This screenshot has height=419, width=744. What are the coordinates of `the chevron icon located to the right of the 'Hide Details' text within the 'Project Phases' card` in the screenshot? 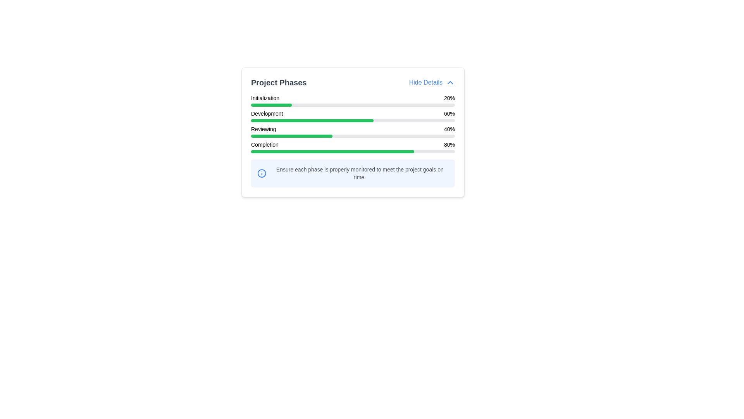 It's located at (450, 82).